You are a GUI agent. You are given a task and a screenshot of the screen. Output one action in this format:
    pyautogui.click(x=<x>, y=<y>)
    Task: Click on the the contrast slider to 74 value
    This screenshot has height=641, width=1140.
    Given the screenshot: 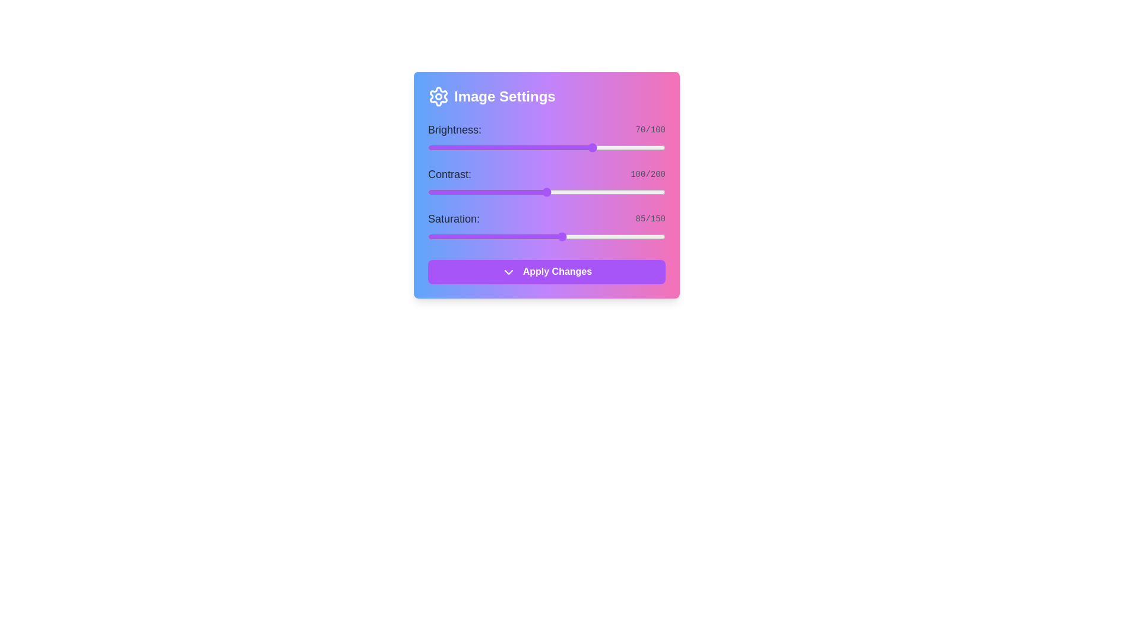 What is the action you would take?
    pyautogui.click(x=515, y=192)
    